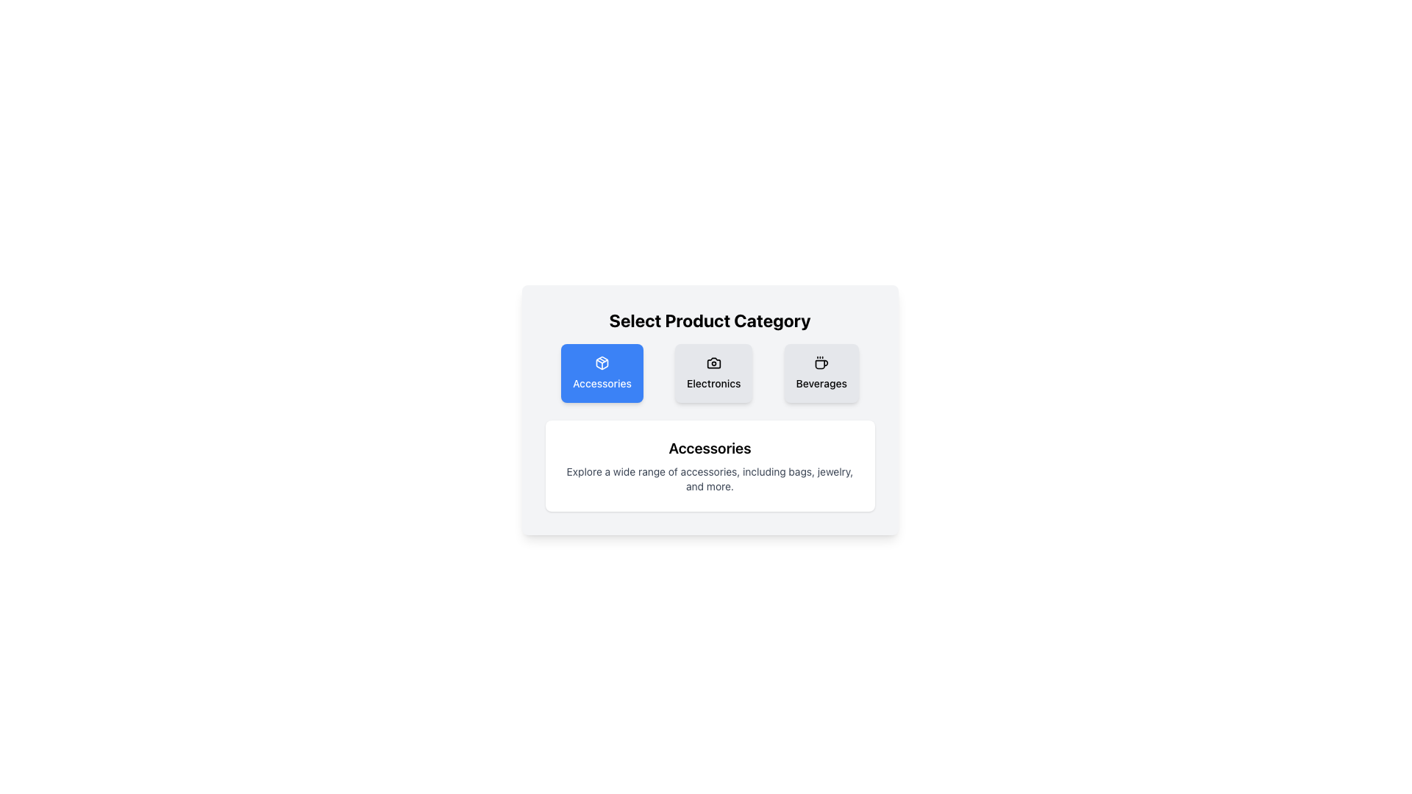  I want to click on the 'Accessories' icon located within the blue square card representing the 'Accessories' category, so click(602, 362).